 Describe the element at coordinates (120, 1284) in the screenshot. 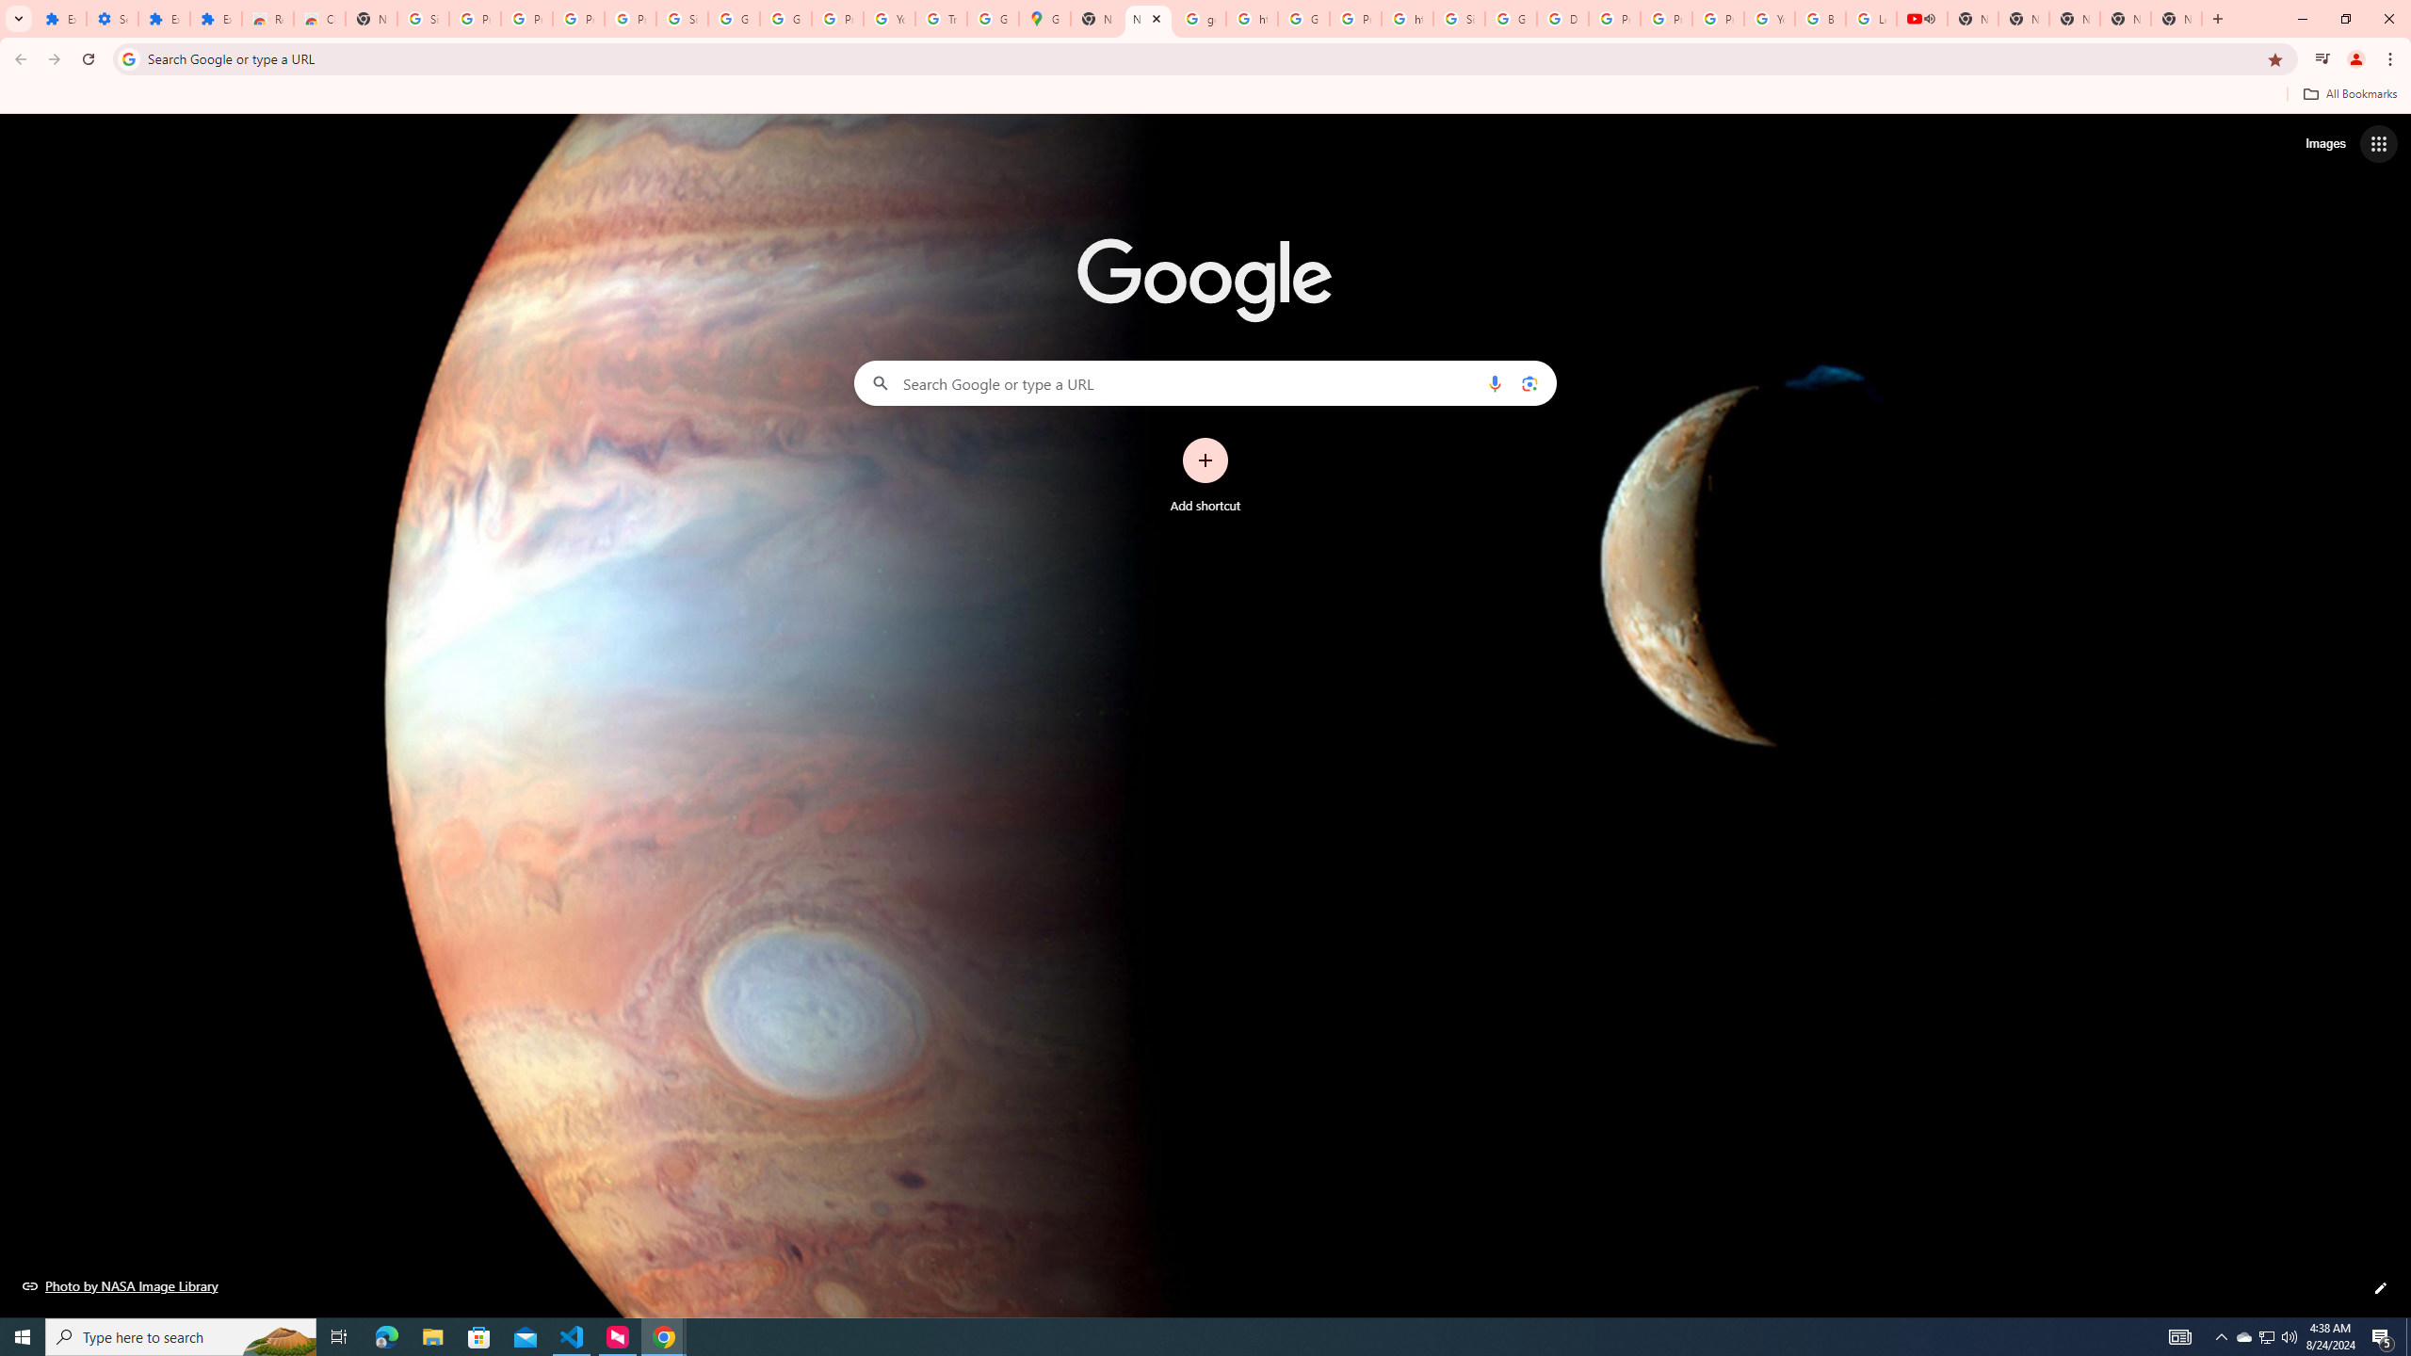

I see `'Photo by NASA Image Library'` at that location.